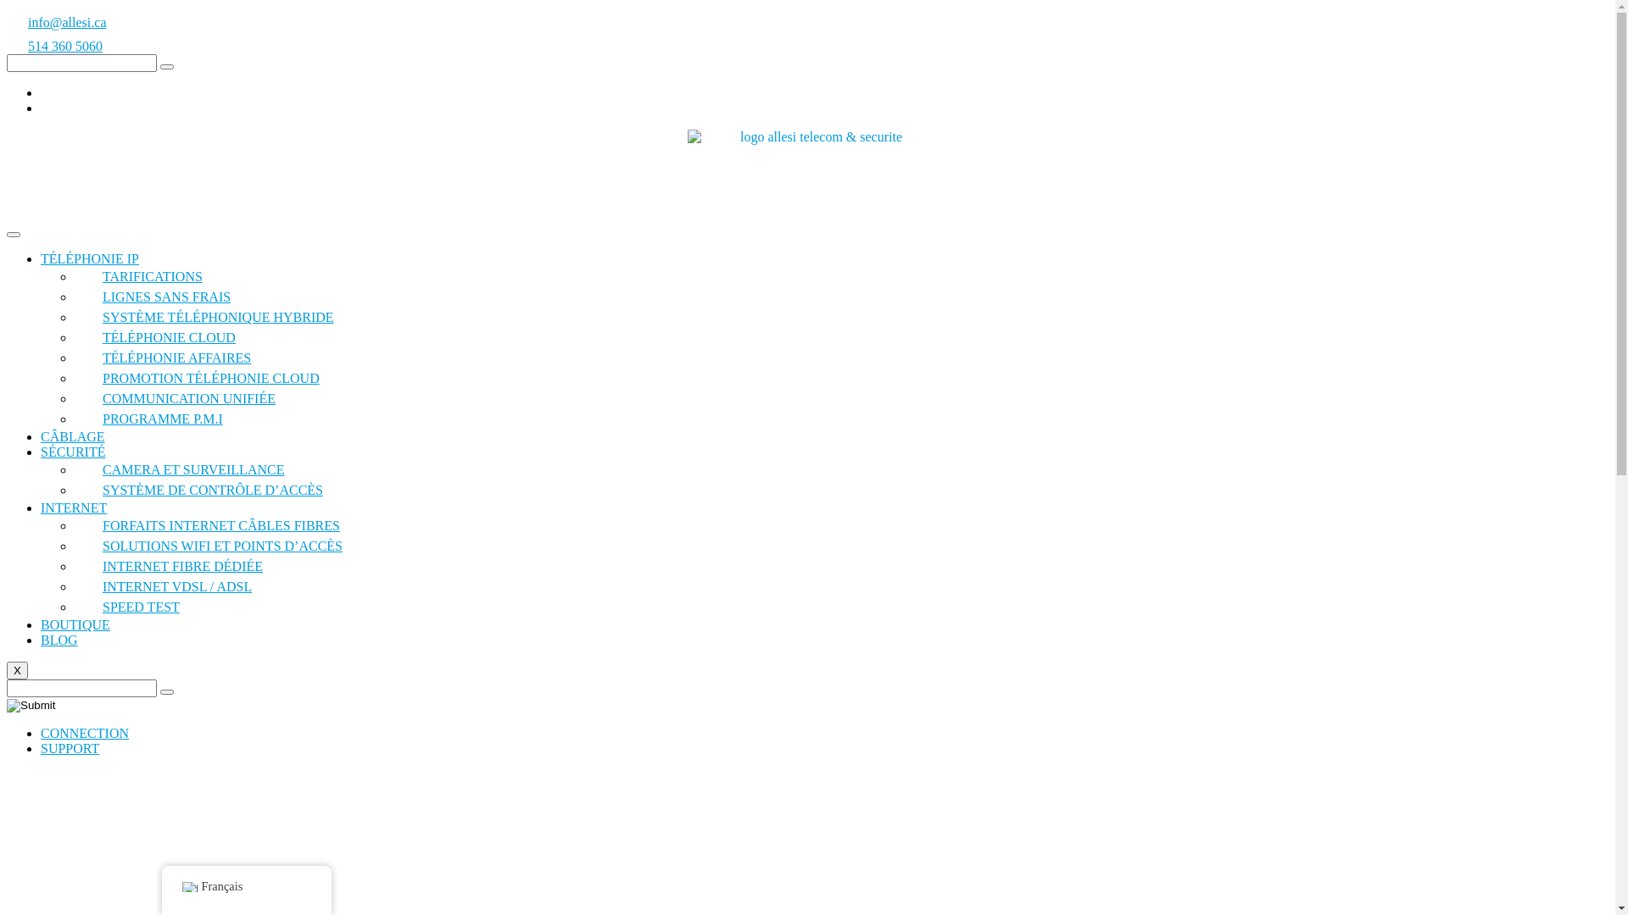  Describe the element at coordinates (17, 669) in the screenshot. I see `'X'` at that location.